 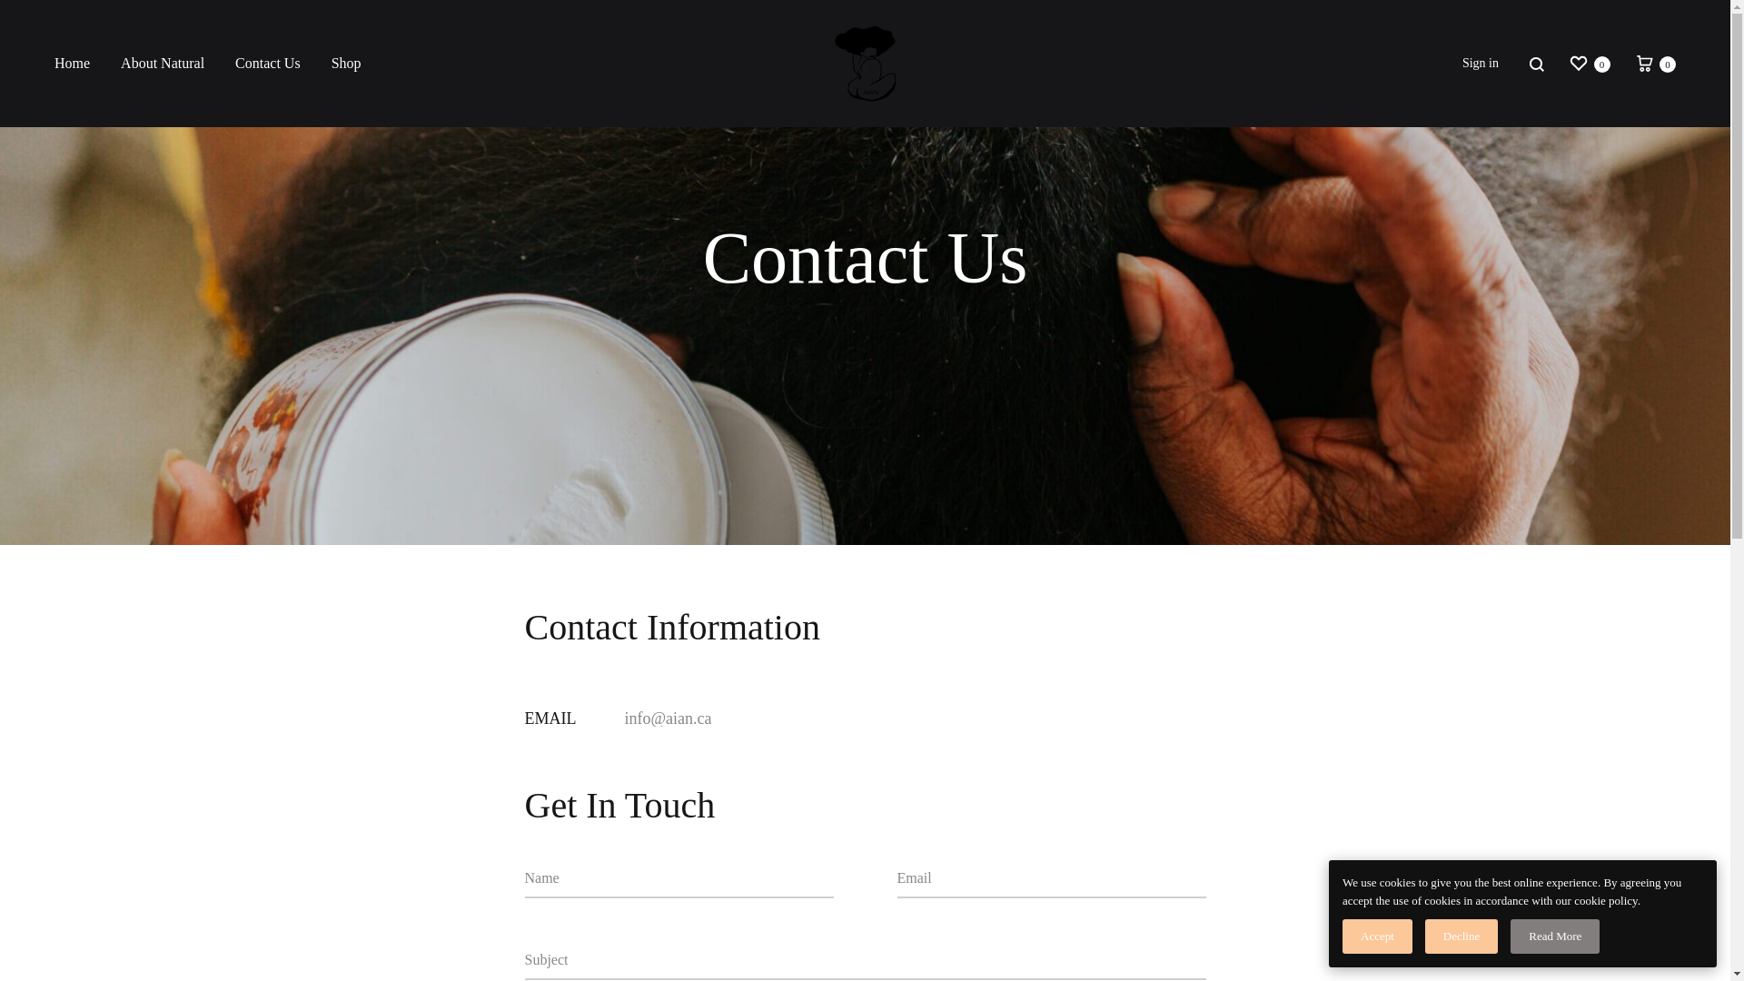 I want to click on 'Cart, so click(x=1633, y=63).